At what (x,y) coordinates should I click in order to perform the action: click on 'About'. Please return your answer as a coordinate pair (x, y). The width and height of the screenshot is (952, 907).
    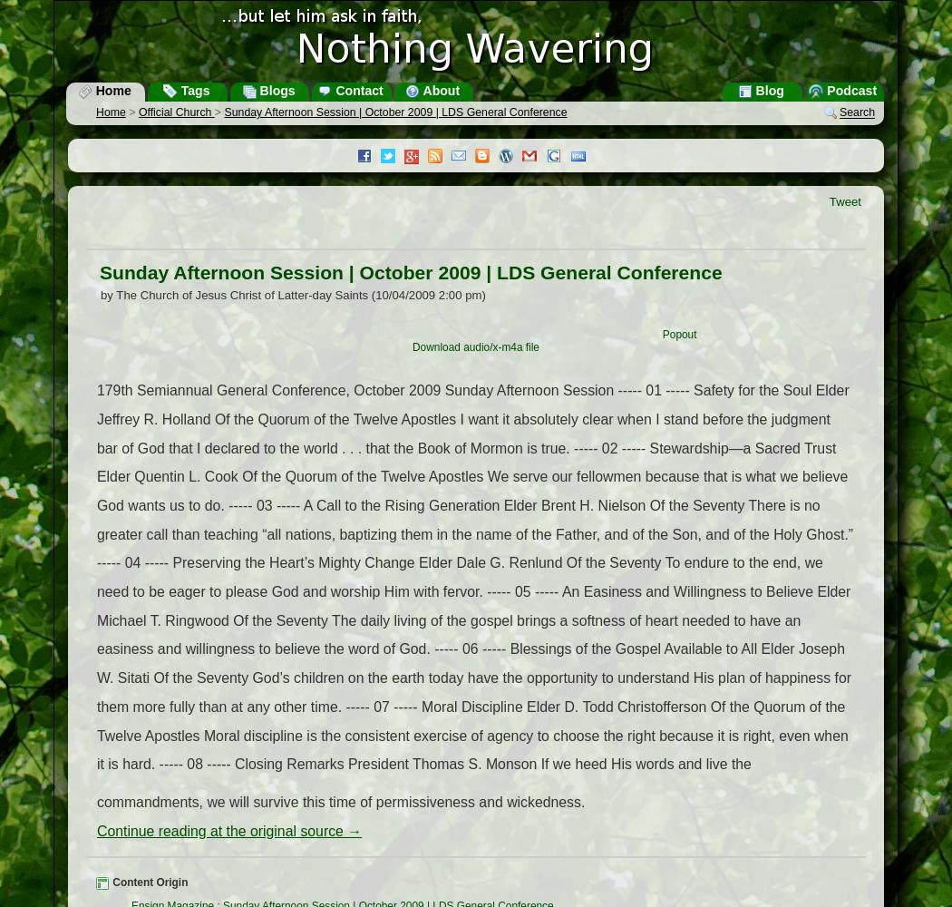
    Looking at the image, I should click on (439, 90).